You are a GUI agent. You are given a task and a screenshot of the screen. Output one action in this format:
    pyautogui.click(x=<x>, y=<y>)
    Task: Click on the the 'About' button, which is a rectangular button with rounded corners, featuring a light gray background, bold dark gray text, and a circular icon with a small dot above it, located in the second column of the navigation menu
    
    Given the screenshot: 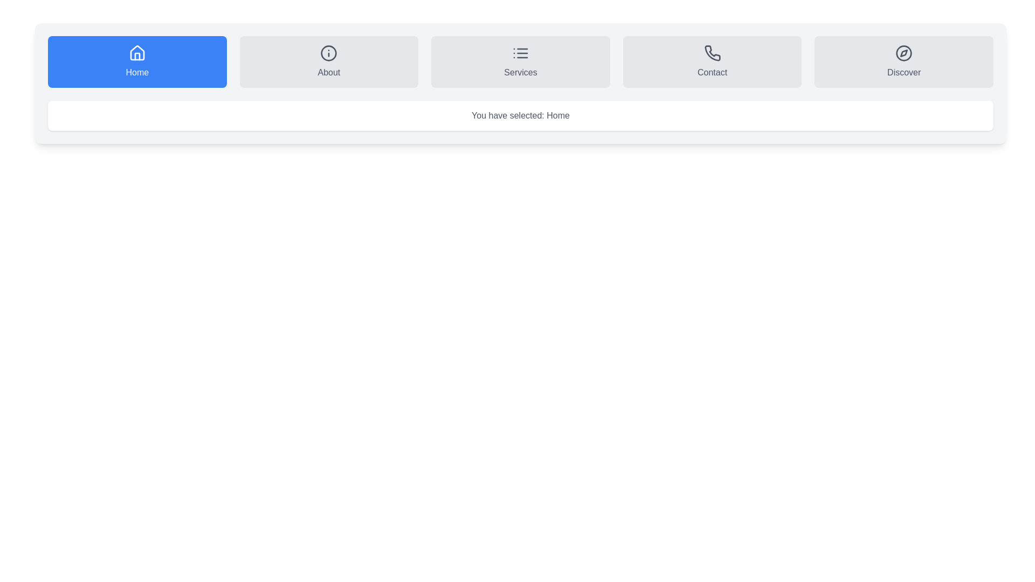 What is the action you would take?
    pyautogui.click(x=328, y=62)
    